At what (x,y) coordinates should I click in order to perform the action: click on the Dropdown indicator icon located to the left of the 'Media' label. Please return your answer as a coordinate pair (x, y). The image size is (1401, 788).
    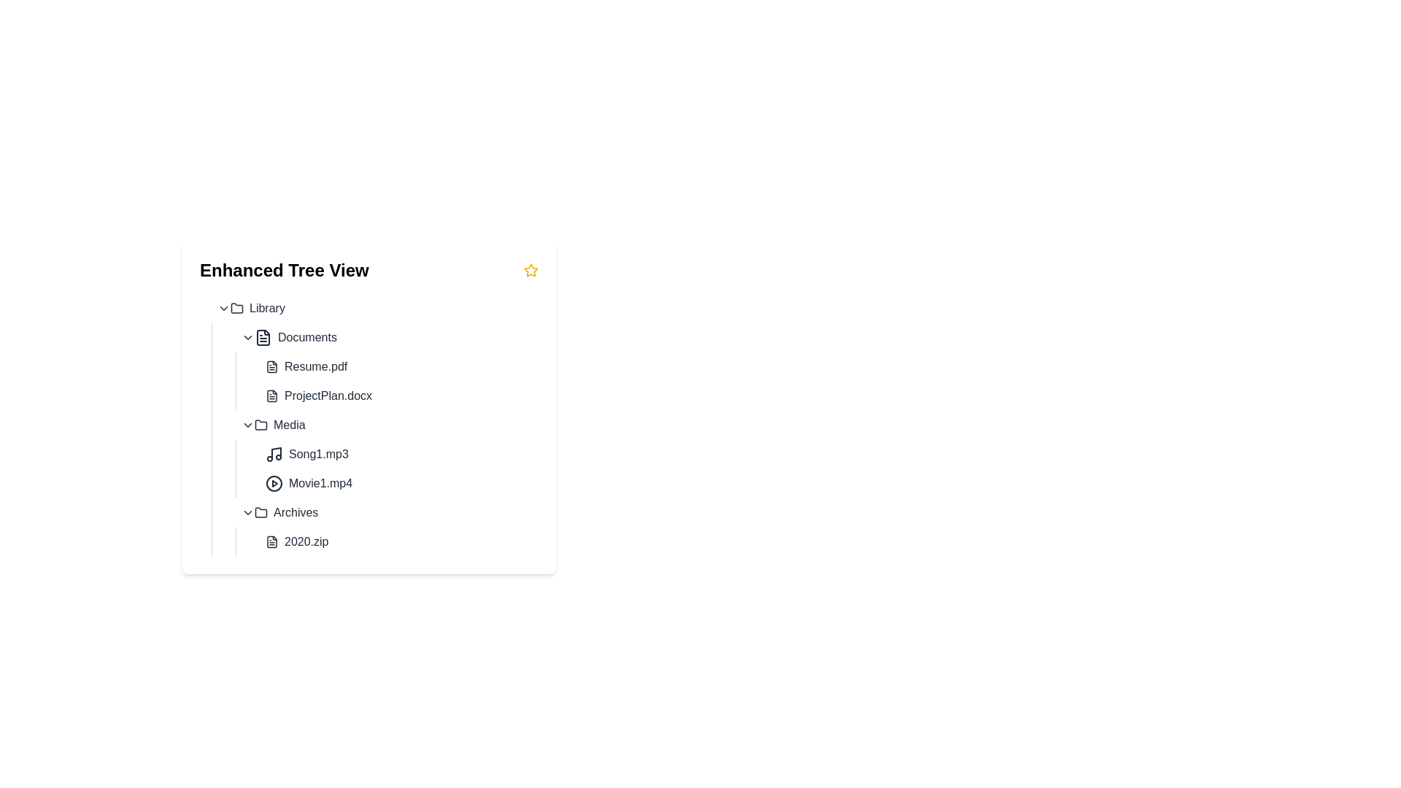
    Looking at the image, I should click on (248, 425).